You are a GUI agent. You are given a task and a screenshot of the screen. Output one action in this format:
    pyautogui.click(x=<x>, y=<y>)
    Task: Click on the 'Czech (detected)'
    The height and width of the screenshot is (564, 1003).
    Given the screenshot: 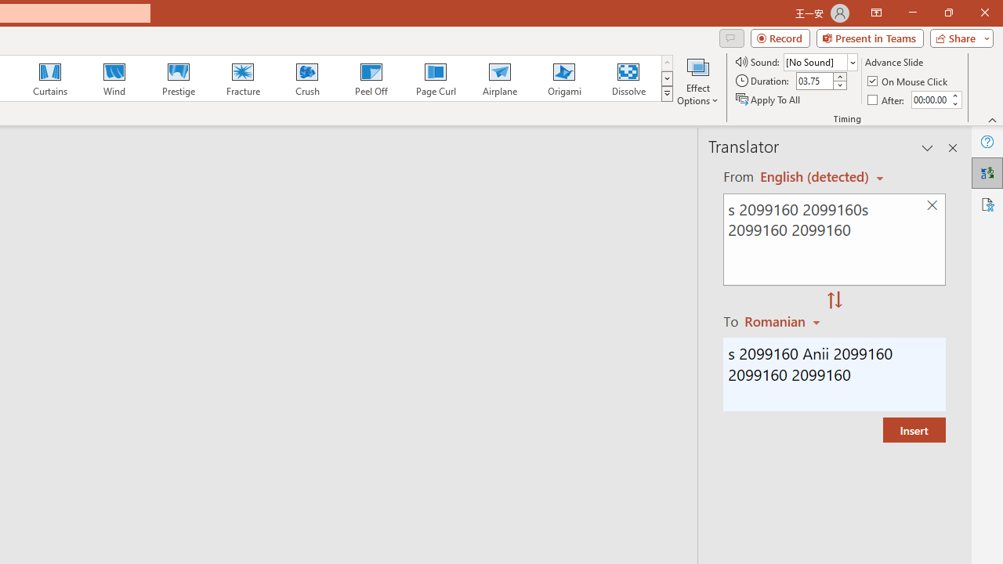 What is the action you would take?
    pyautogui.click(x=815, y=176)
    